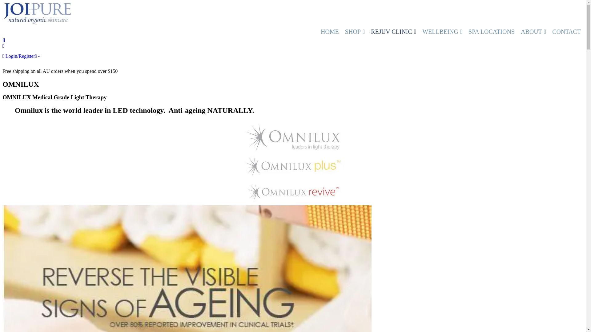  What do you see at coordinates (491, 32) in the screenshot?
I see `'SPA LOCATIONS'` at bounding box center [491, 32].